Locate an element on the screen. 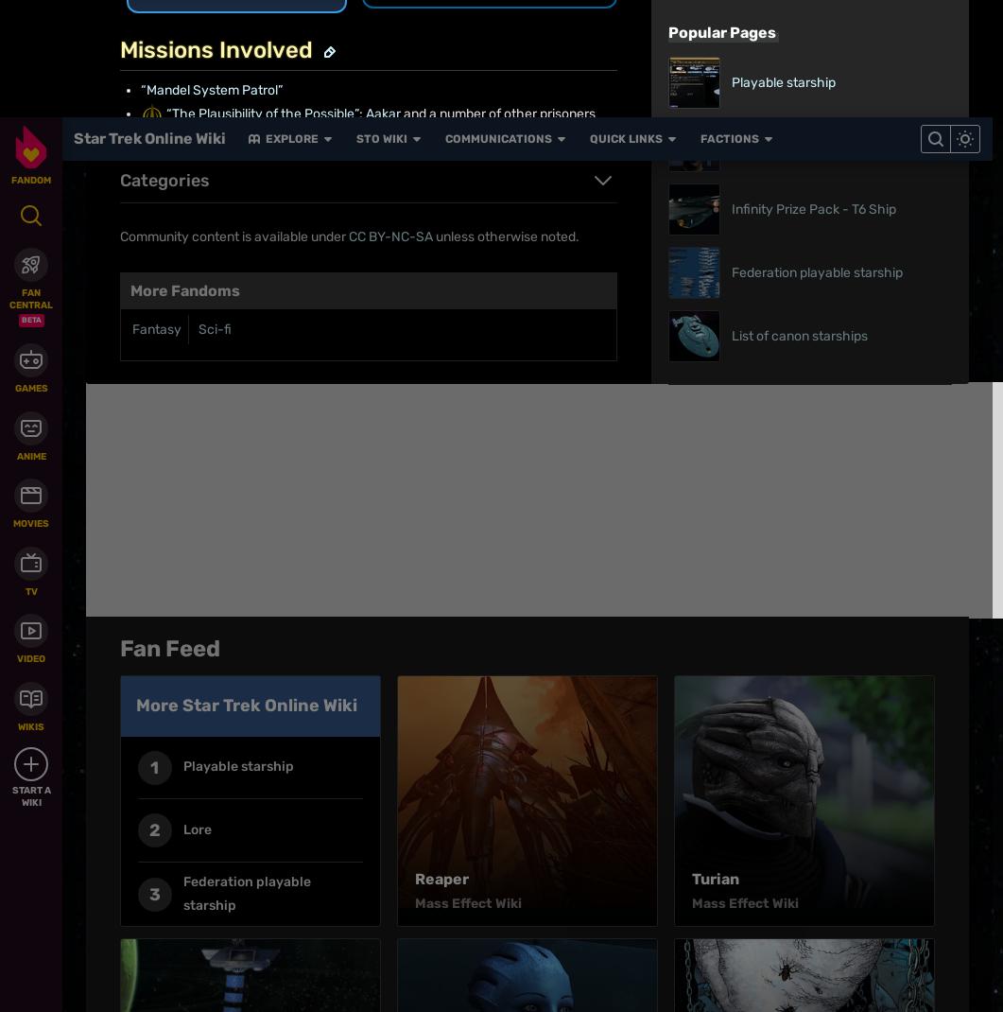 The image size is (1003, 1012). 'What is Fandom?' is located at coordinates (360, 531).